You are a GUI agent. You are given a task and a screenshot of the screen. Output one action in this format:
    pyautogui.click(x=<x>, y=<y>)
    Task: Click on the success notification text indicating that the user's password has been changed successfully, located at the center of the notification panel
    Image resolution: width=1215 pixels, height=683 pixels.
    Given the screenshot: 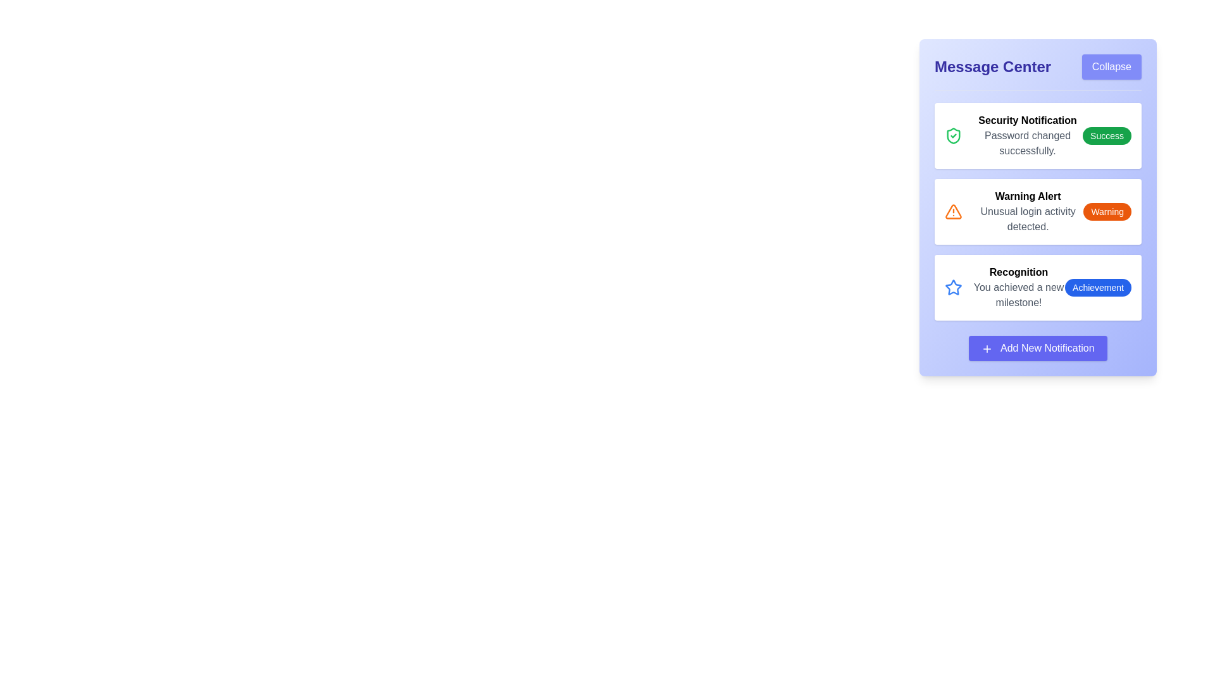 What is the action you would take?
    pyautogui.click(x=1028, y=136)
    